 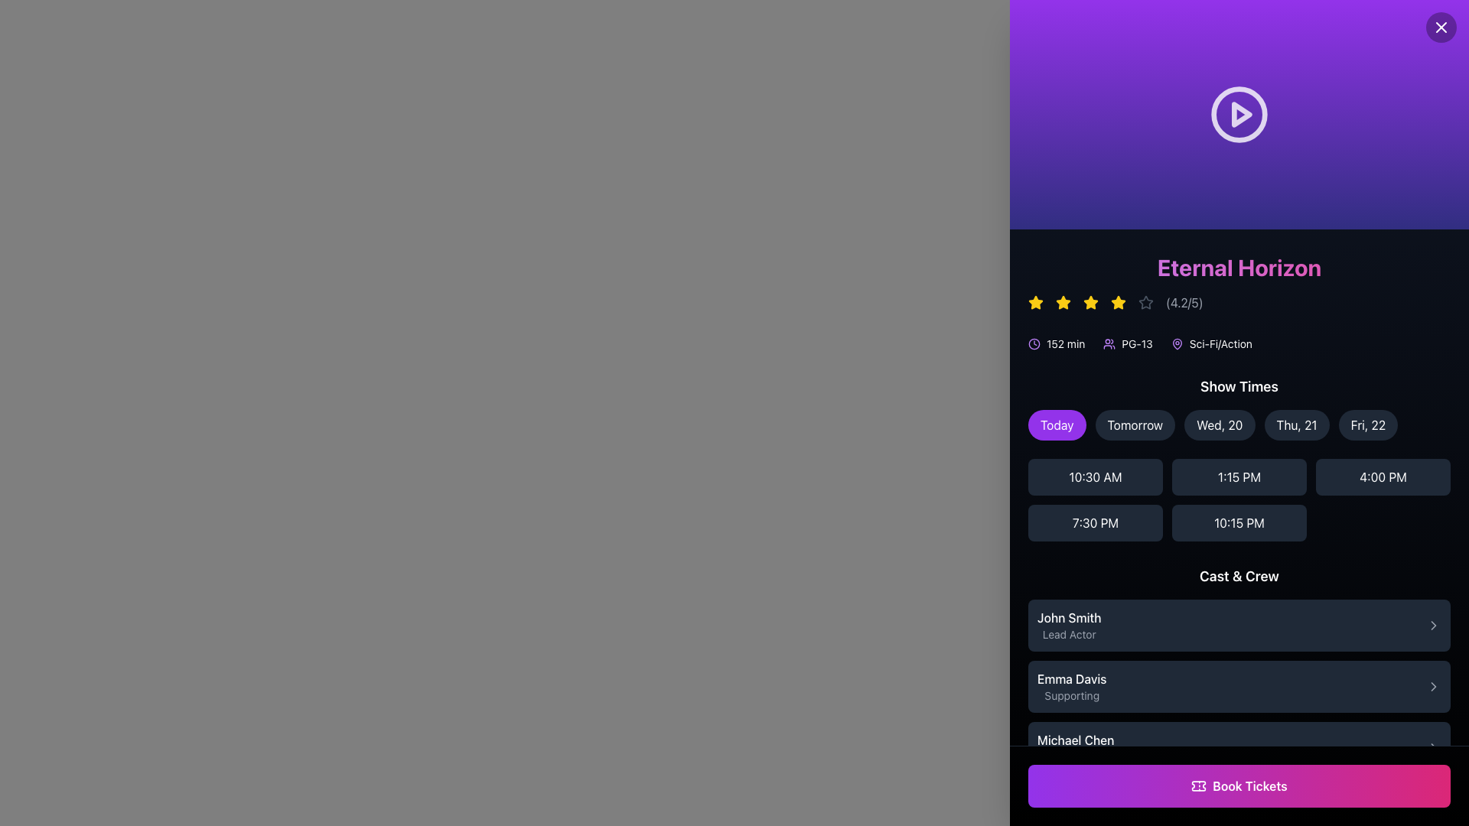 I want to click on the sixth star icon of the rating system for accessibility purposes, so click(x=1145, y=303).